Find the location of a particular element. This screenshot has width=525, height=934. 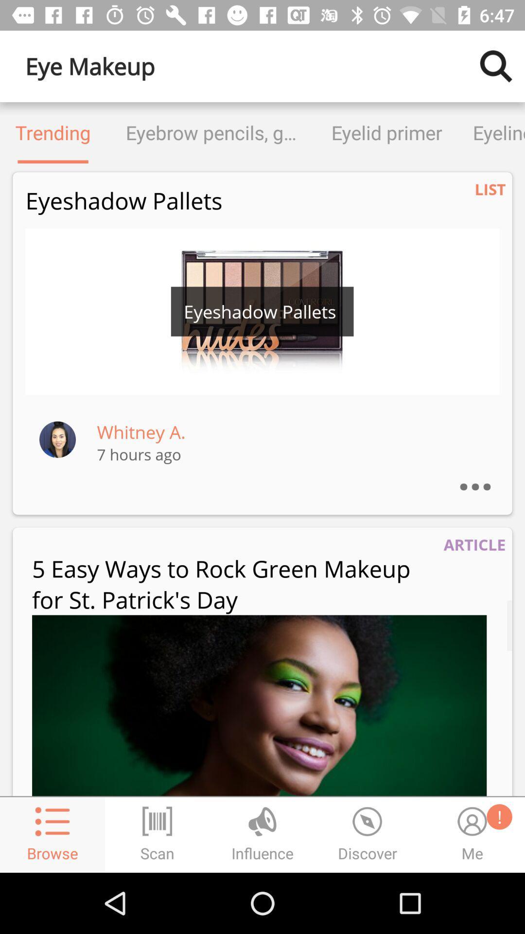

the item next to the whitney a. item is located at coordinates (57, 439).